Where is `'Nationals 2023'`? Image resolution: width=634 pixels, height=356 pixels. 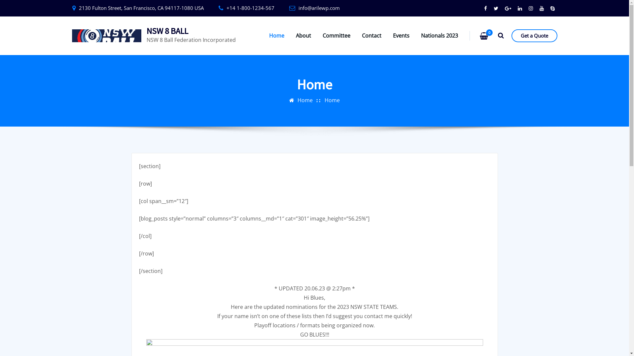 'Nationals 2023' is located at coordinates (439, 36).